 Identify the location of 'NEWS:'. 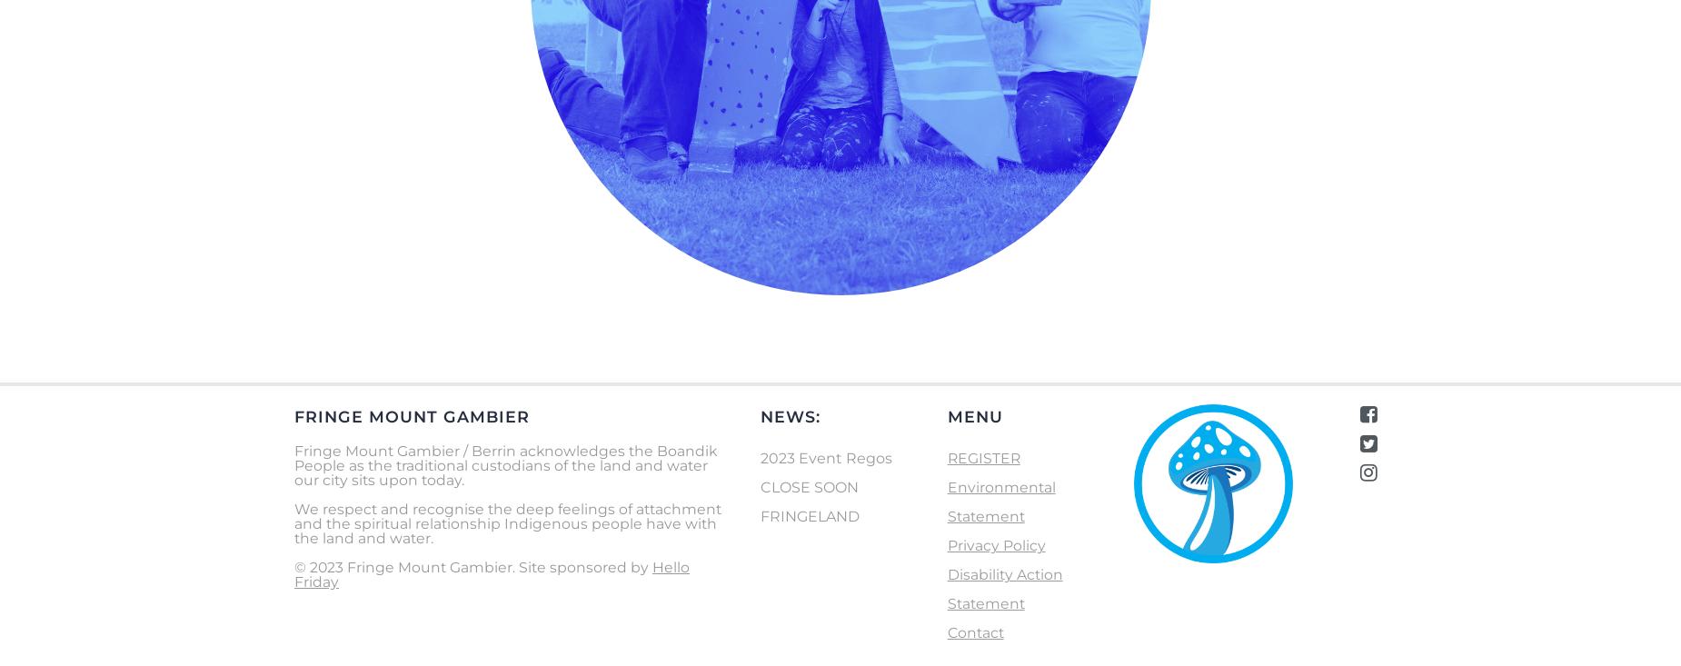
(791, 414).